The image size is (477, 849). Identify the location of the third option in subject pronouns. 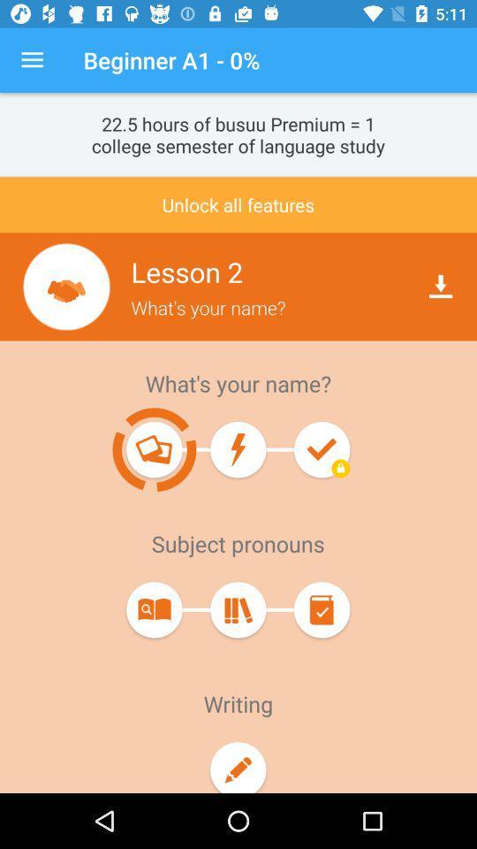
(321, 609).